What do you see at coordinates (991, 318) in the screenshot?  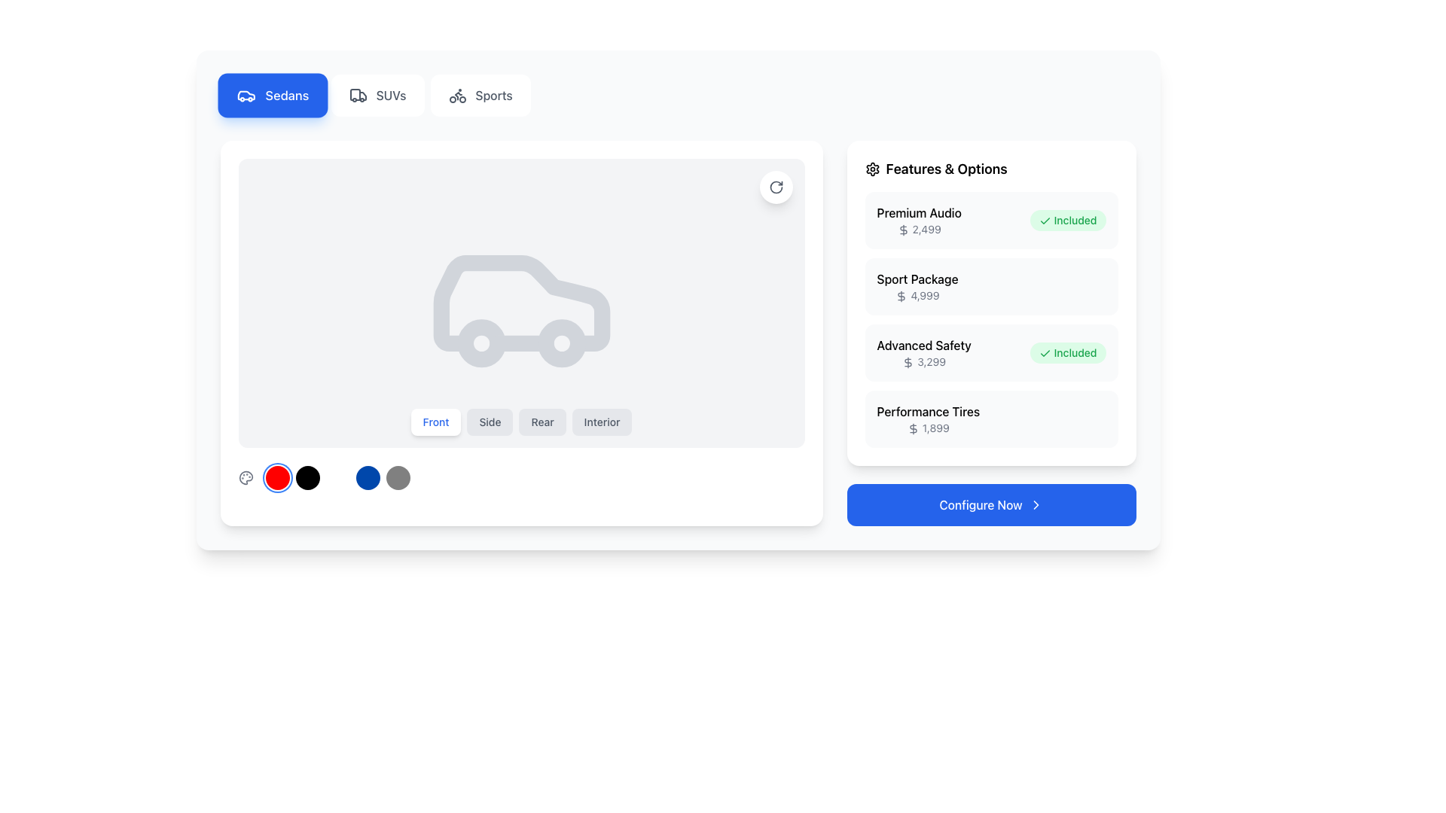 I see `to select or interact with the 'Advanced Safety' feature listed in the 'Features & Options' section, which is the third row in the feature list` at bounding box center [991, 318].